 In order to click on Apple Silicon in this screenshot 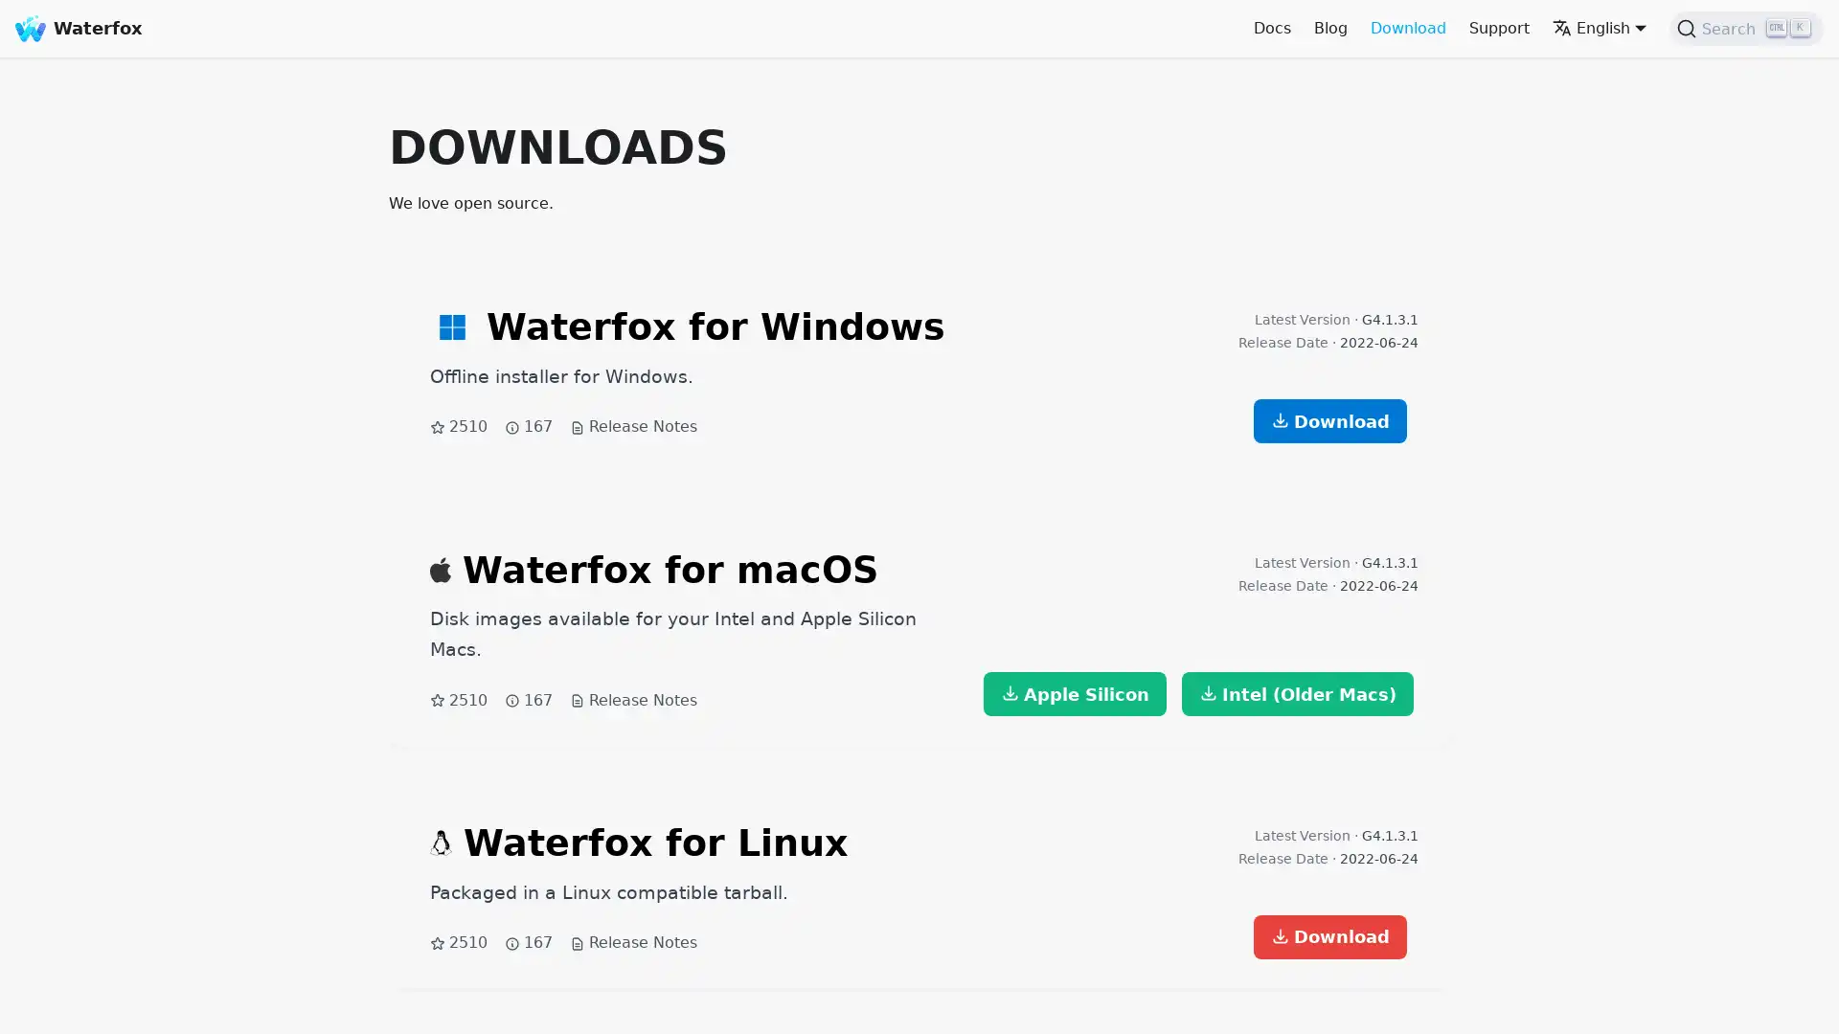, I will do `click(1075, 694)`.